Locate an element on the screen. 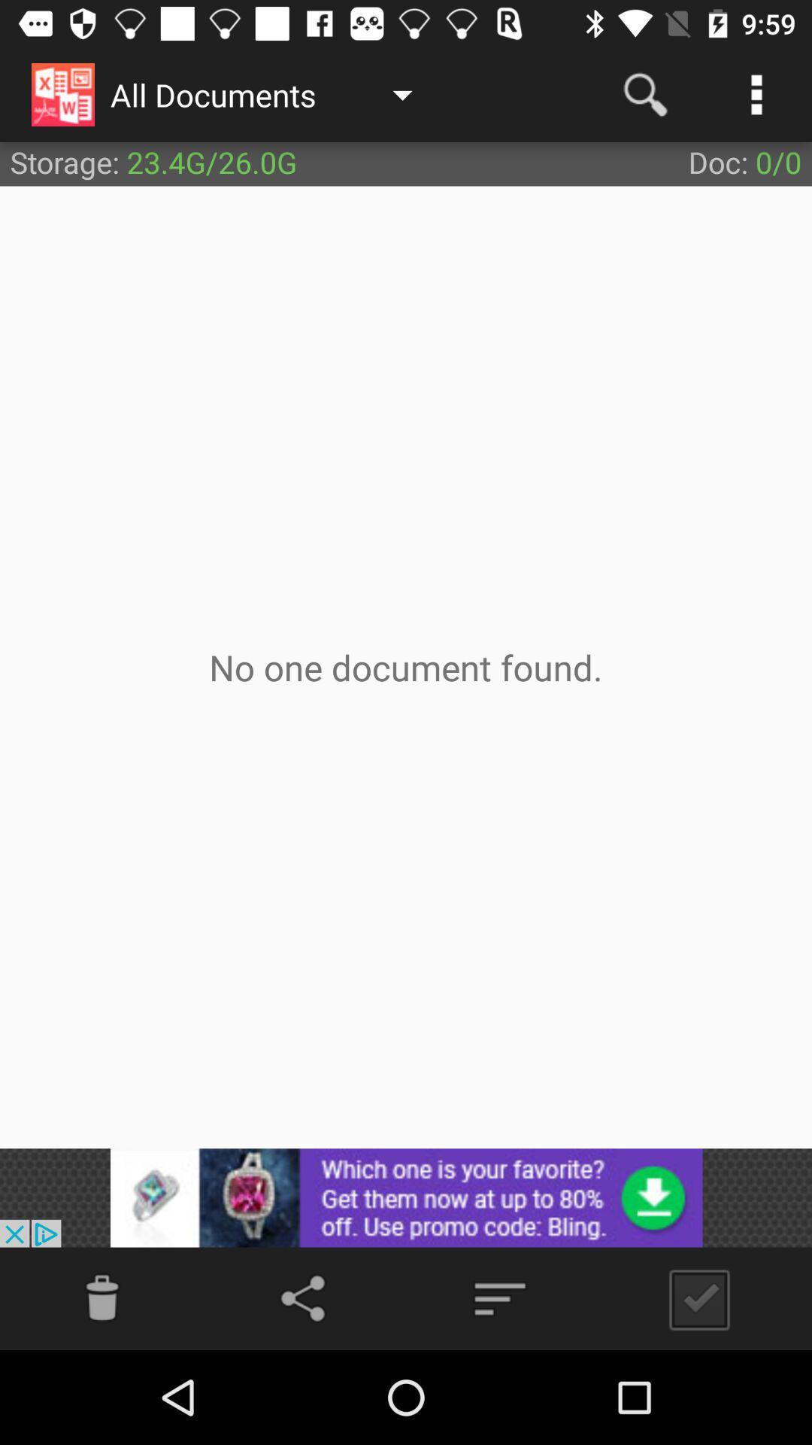 This screenshot has width=812, height=1445. the advertisement option is located at coordinates (406, 1197).